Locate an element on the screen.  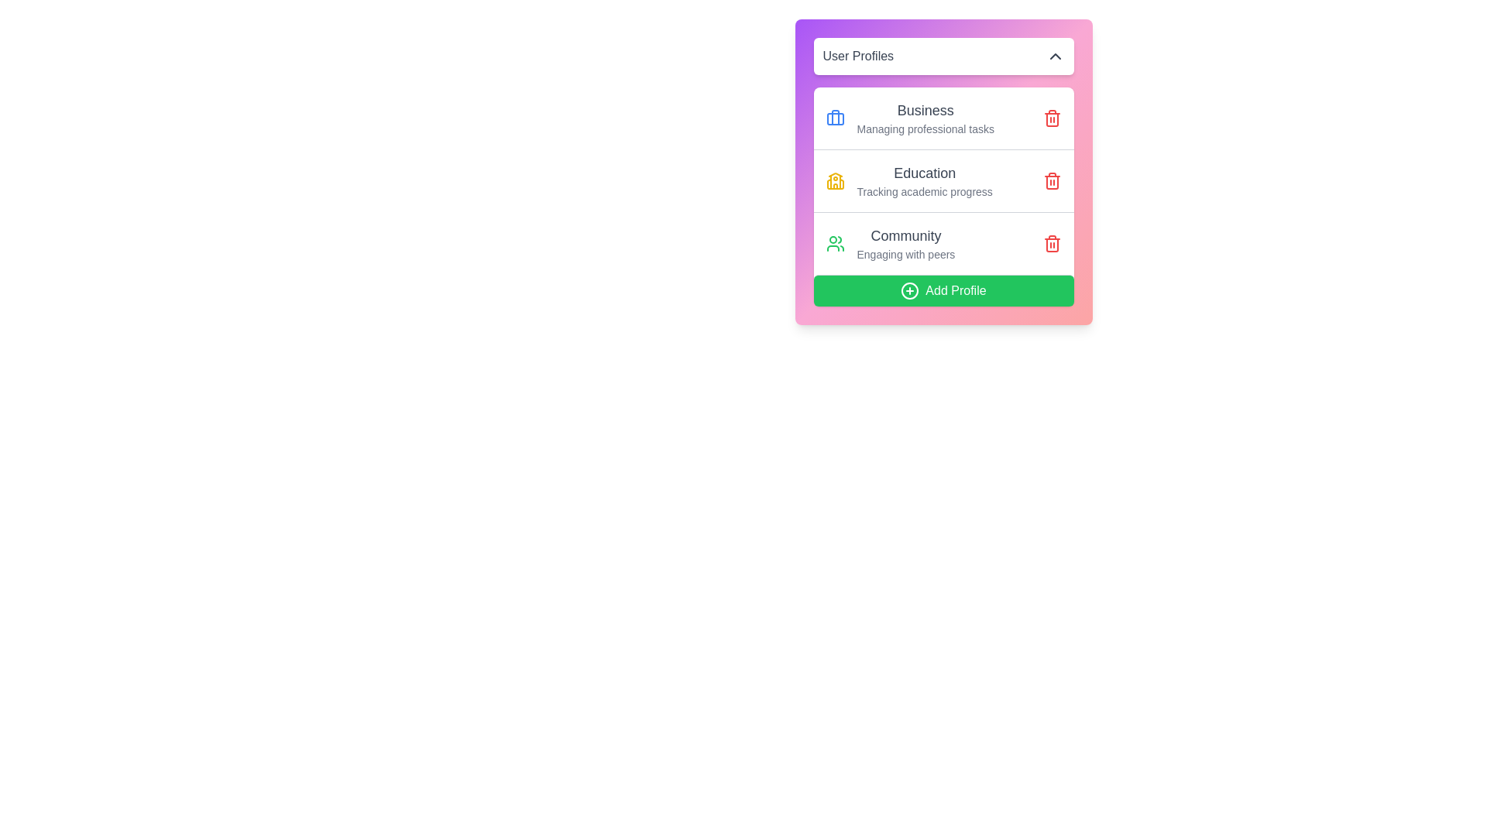
the text label reading 'Engaging with peers', which is styled with a small font size and gray color, positioned below the 'Community' label in the profile categories list is located at coordinates (905, 253).